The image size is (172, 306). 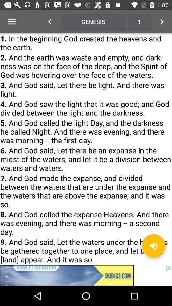 I want to click on the volume icon, so click(x=153, y=245).